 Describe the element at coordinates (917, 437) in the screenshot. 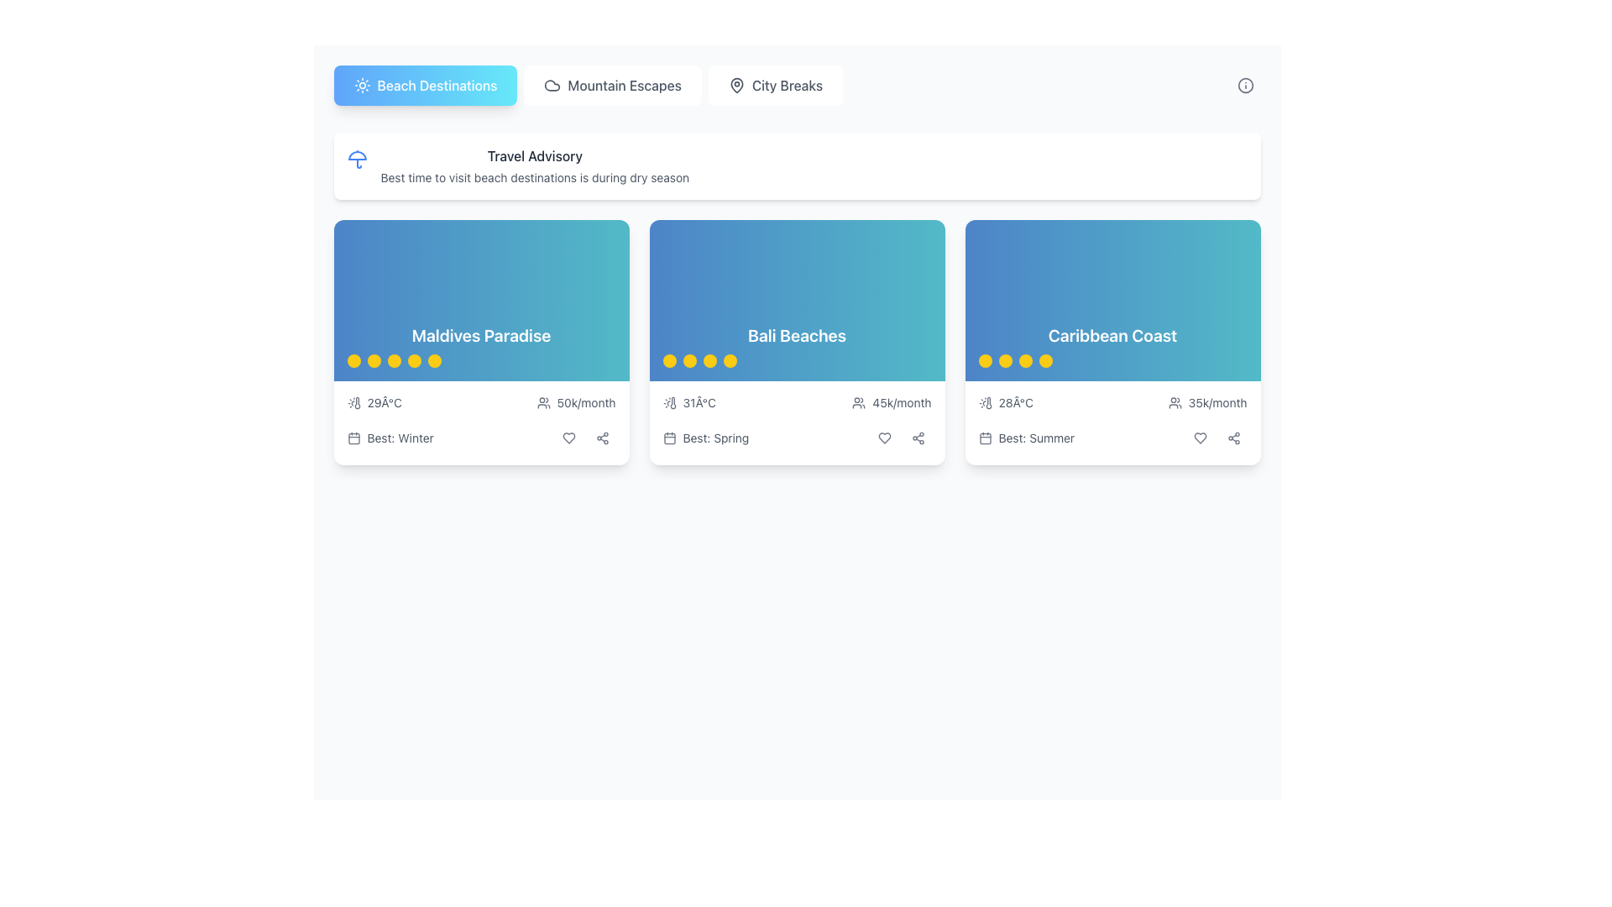

I see `the 'Share' button located at the bottom-right corner of the 'Bali Beaches' card` at that location.